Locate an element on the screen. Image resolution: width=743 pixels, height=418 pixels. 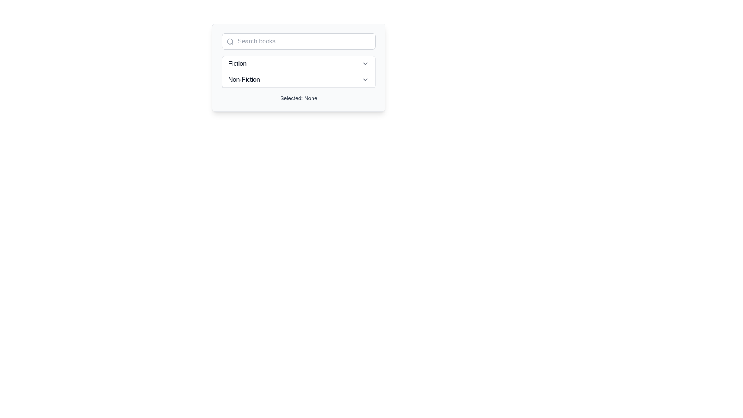
the text label is located at coordinates (243, 79).